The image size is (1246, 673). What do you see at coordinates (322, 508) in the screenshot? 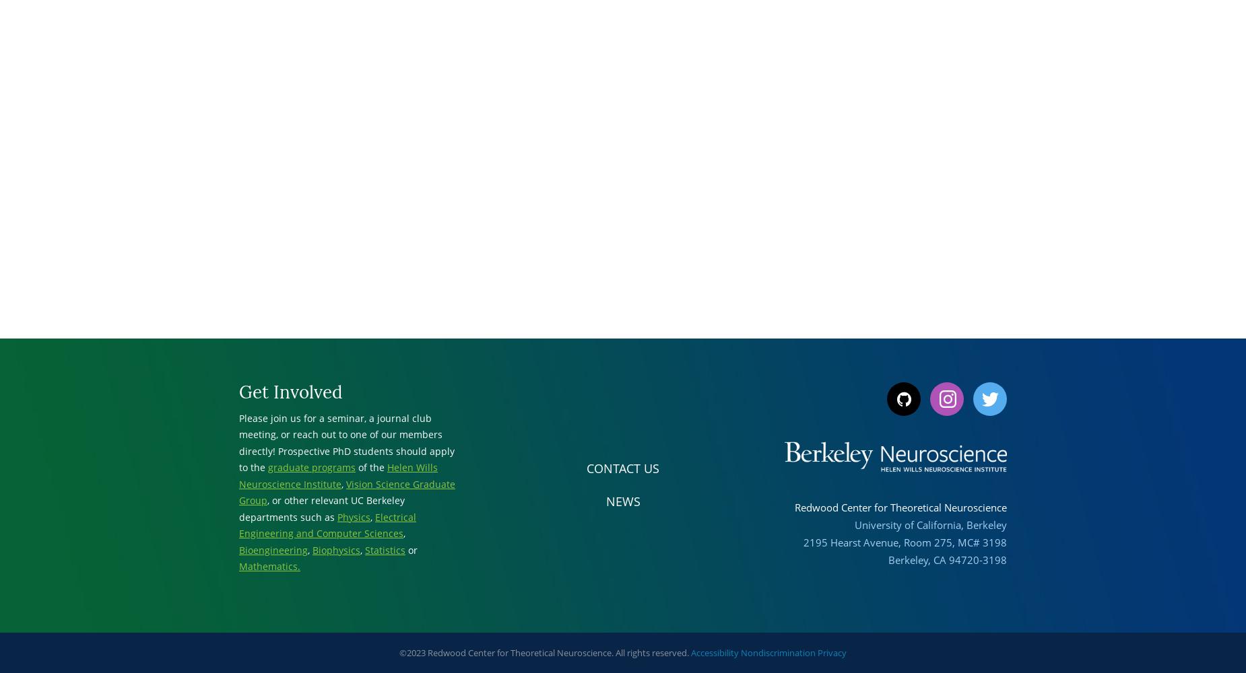
I see `', or other relevant UC Berkeley departments such as'` at bounding box center [322, 508].